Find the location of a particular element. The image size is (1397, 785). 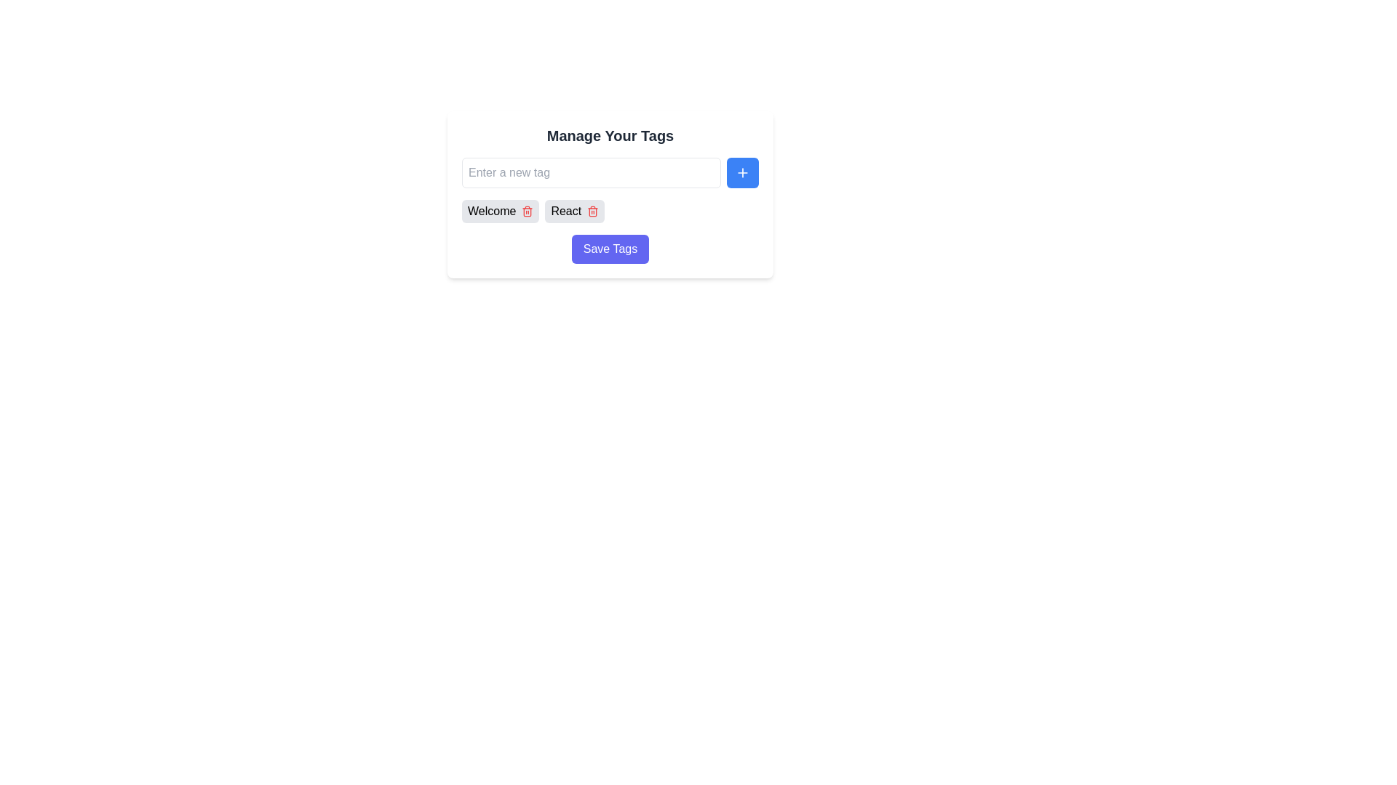

the blue rectangular button with rounded corners that contains a white '+' icon is located at coordinates (743, 172).